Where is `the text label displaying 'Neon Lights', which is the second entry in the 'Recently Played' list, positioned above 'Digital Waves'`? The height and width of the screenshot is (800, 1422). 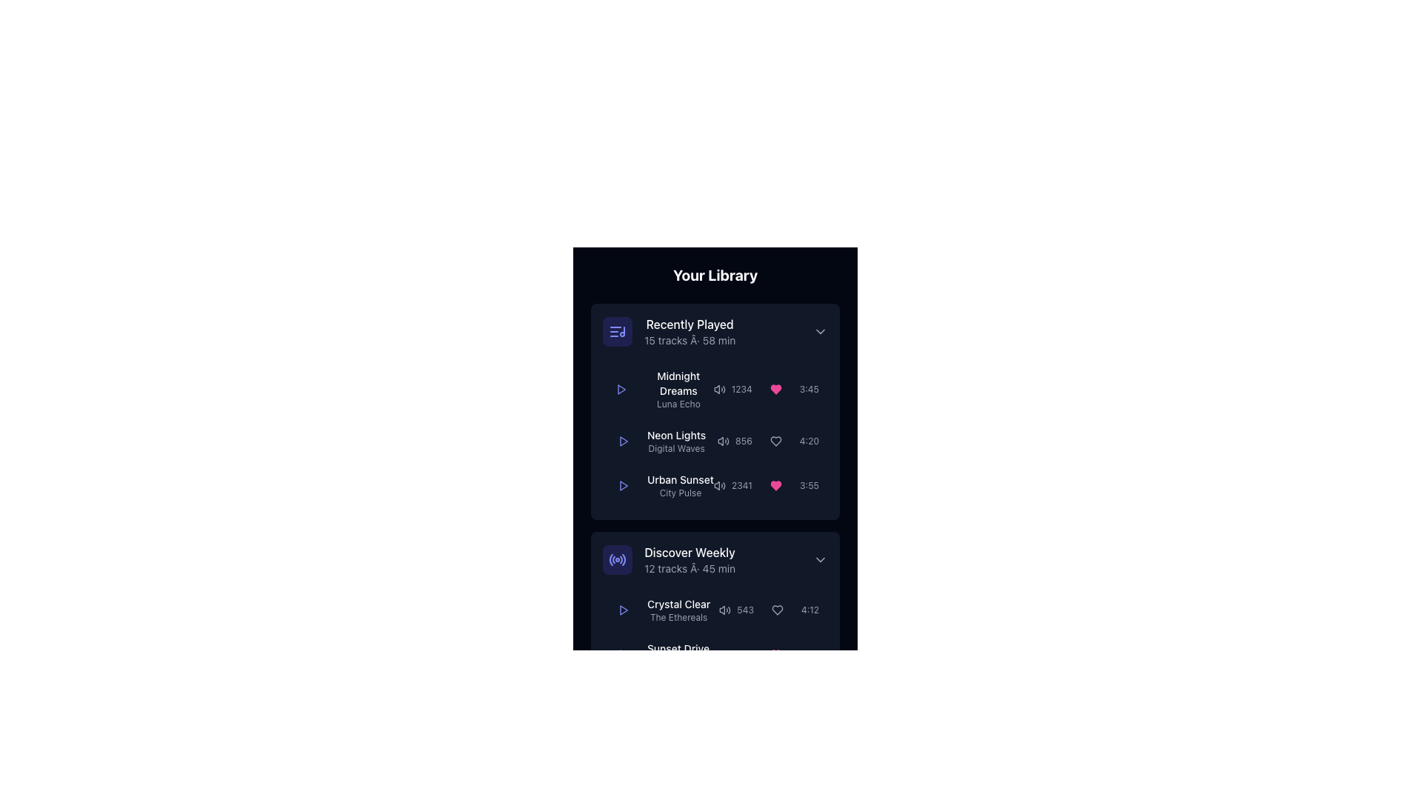 the text label displaying 'Neon Lights', which is the second entry in the 'Recently Played' list, positioned above 'Digital Waves' is located at coordinates (675, 434).